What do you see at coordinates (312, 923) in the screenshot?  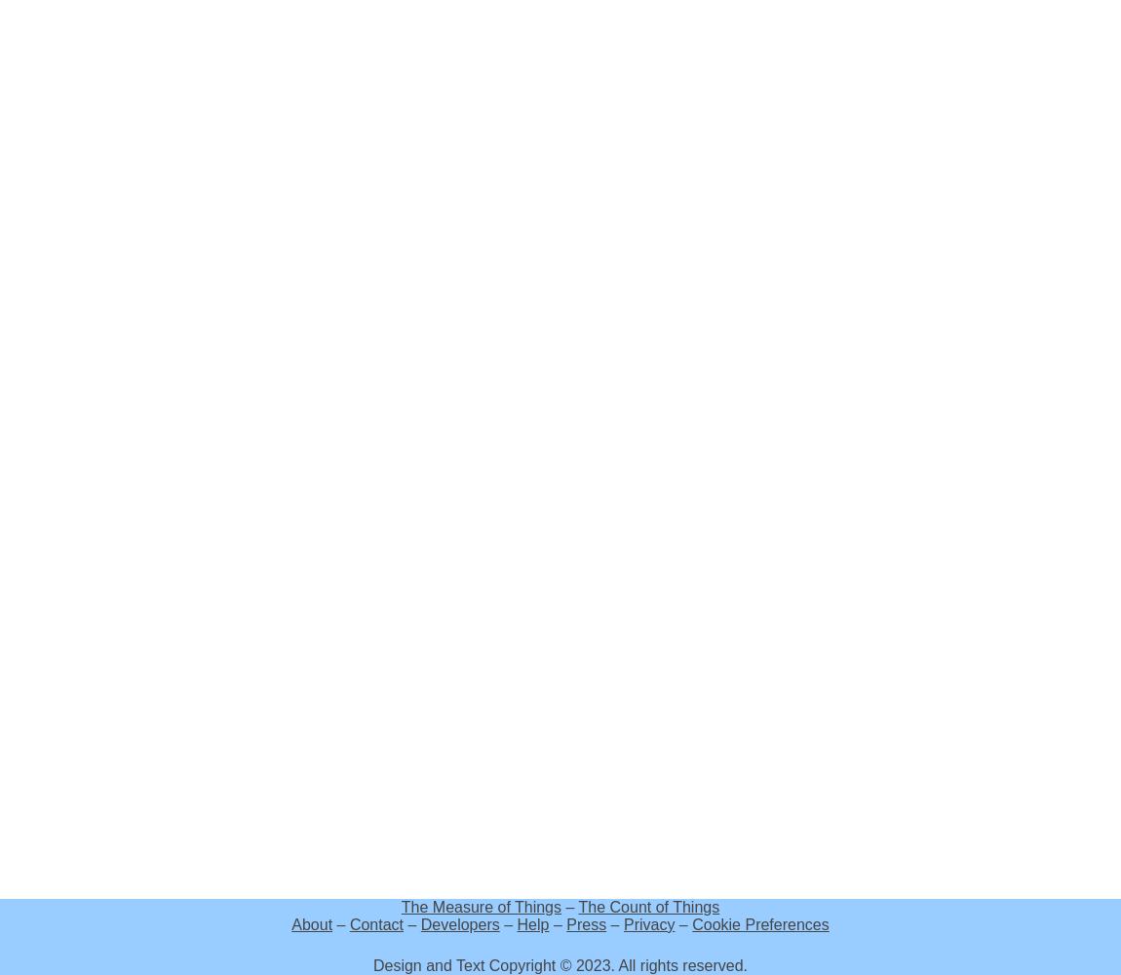 I see `'About'` at bounding box center [312, 923].